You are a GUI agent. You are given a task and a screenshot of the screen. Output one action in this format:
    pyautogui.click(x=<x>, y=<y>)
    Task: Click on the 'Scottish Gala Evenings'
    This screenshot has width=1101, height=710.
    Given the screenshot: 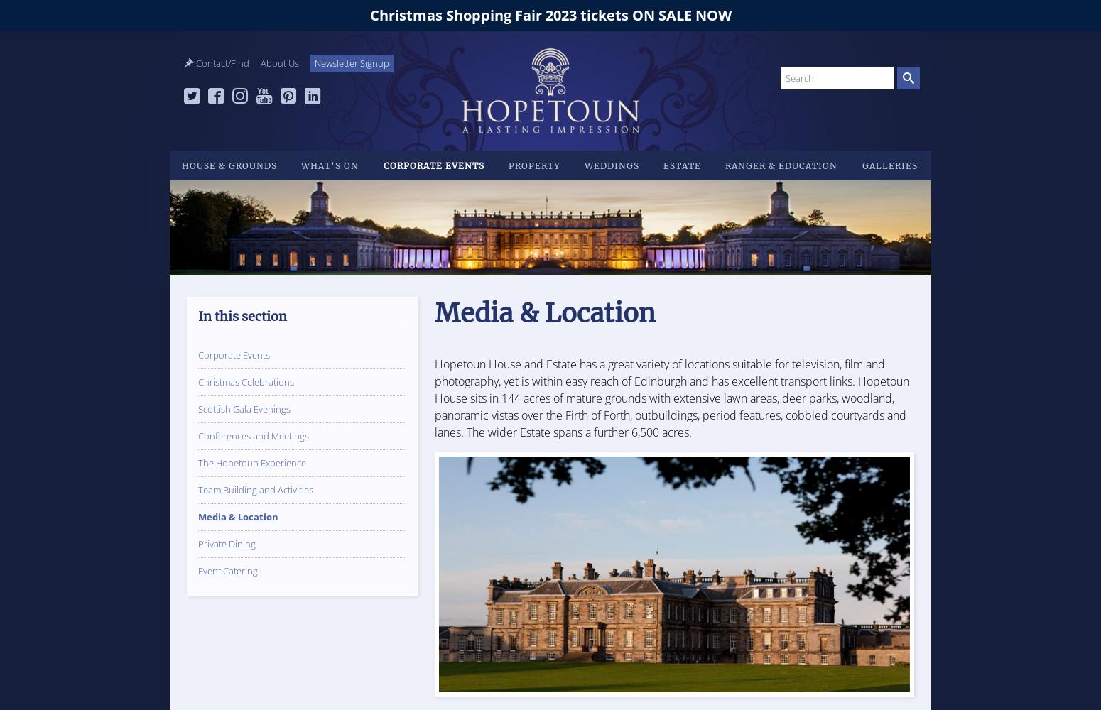 What is the action you would take?
    pyautogui.click(x=243, y=408)
    